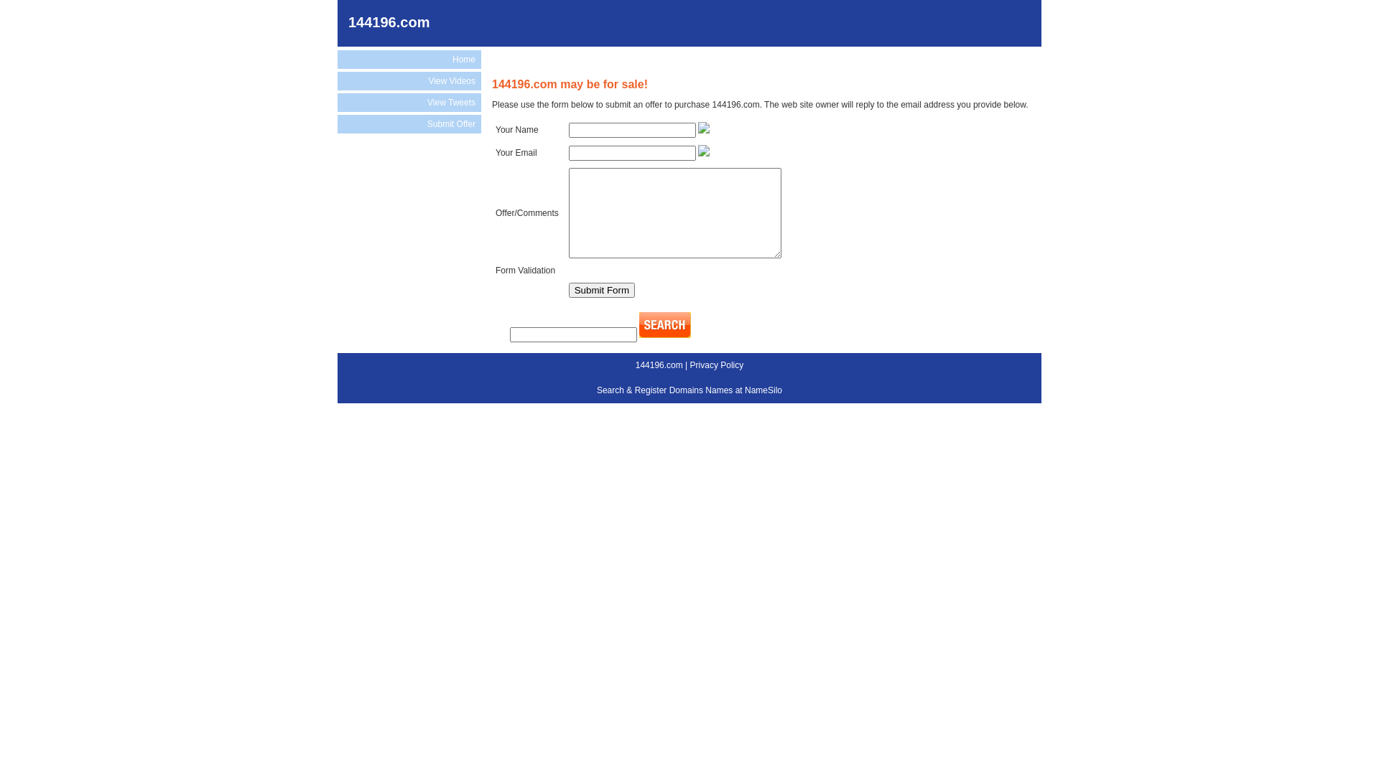 The width and height of the screenshot is (1379, 775). Describe the element at coordinates (409, 59) in the screenshot. I see `'Home'` at that location.